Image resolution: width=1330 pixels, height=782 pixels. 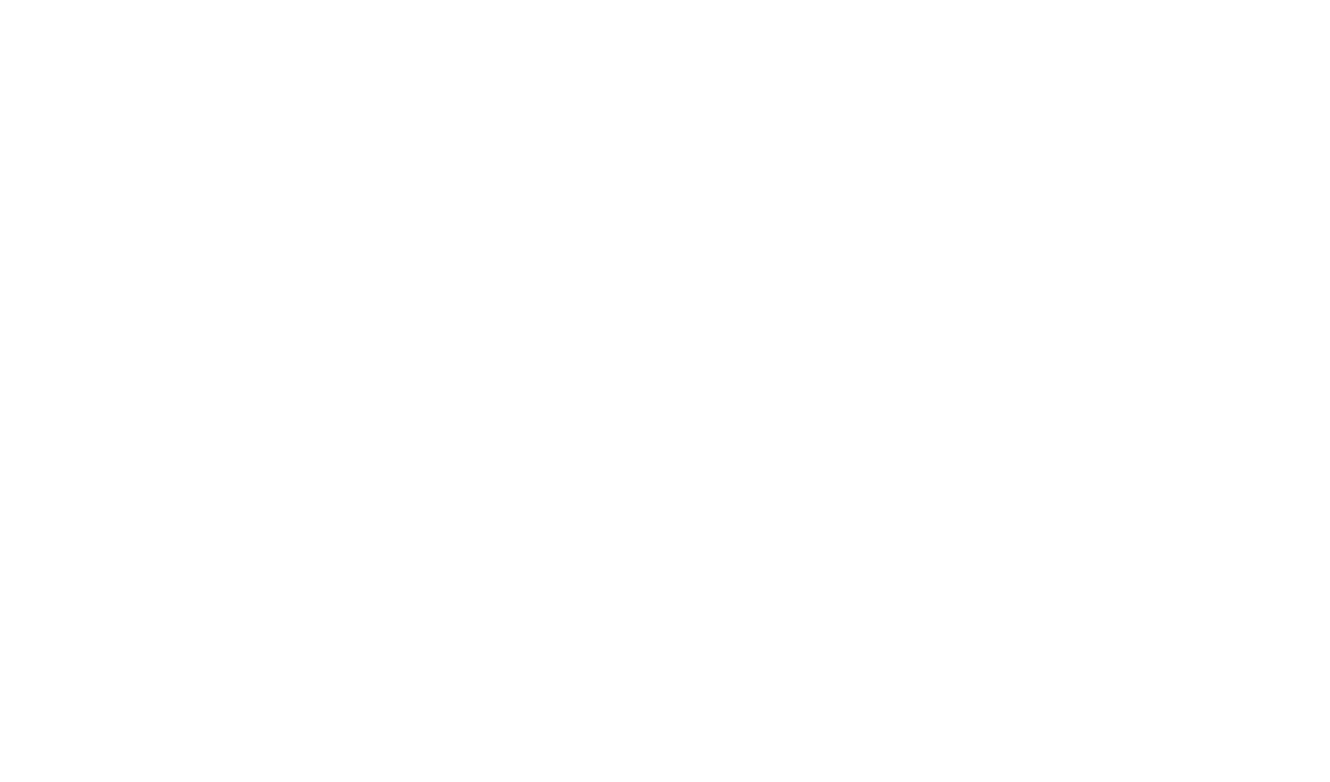 What do you see at coordinates (320, 127) in the screenshot?
I see `'Hotel in Obernai France'` at bounding box center [320, 127].